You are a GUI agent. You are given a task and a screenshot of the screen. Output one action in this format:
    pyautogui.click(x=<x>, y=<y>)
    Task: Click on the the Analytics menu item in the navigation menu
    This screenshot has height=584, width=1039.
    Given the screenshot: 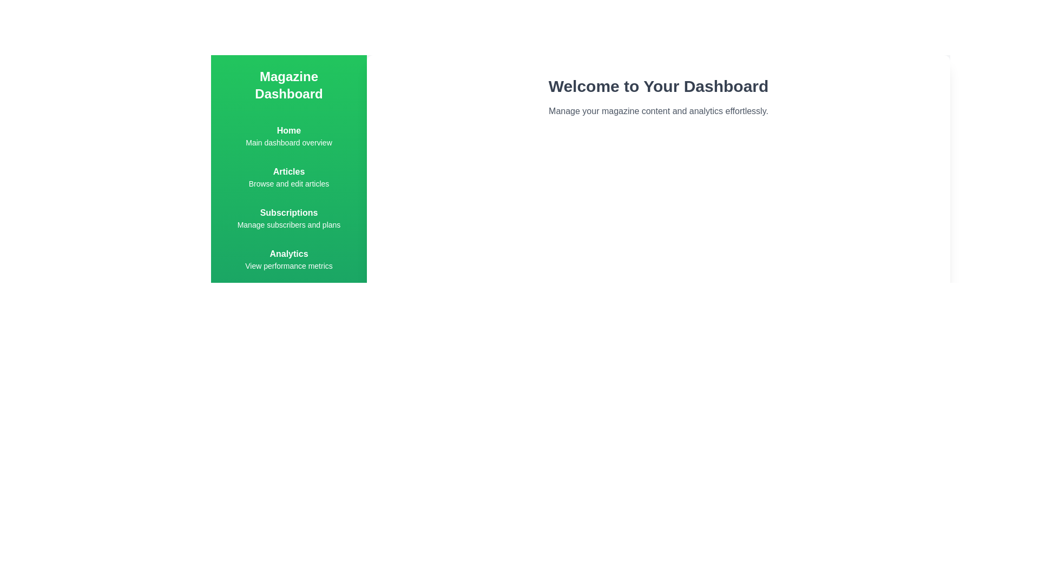 What is the action you would take?
    pyautogui.click(x=288, y=259)
    